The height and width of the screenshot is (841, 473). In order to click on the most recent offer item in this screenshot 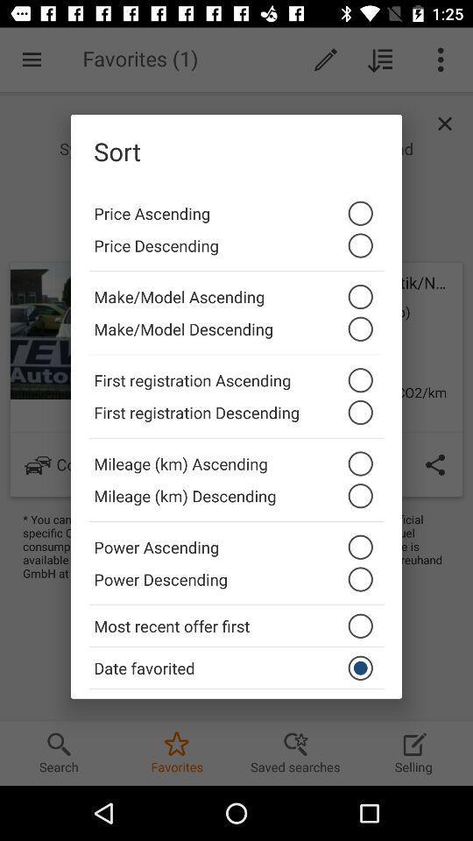, I will do `click(236, 625)`.